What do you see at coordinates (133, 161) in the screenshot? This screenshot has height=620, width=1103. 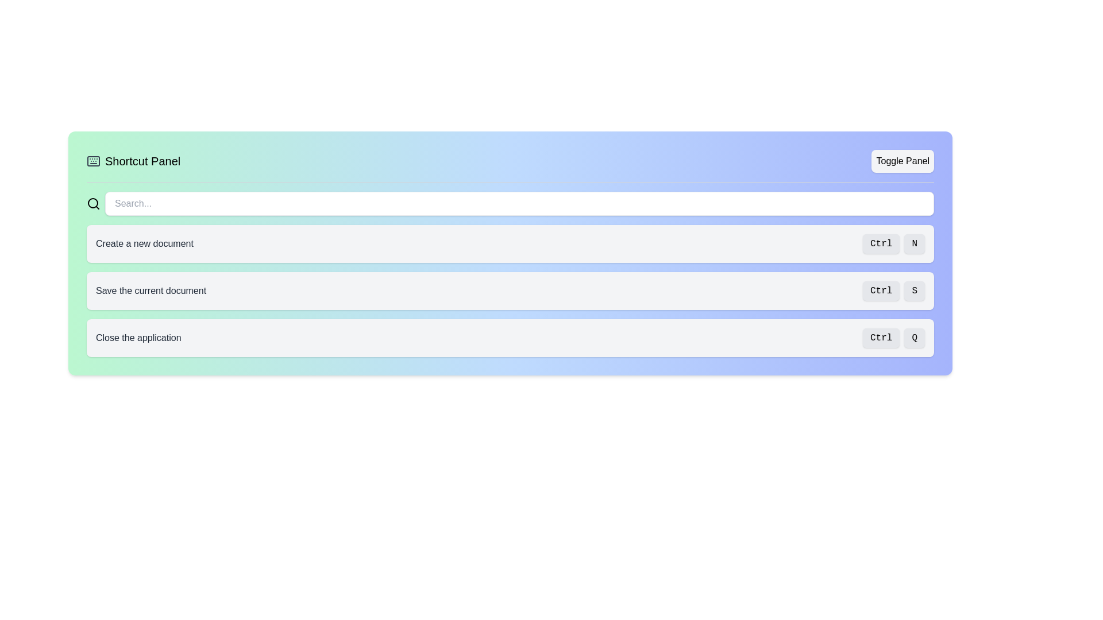 I see `the Text label with associated icon that serves as a title for managing shortcuts, located at the top-left corner of the interface` at bounding box center [133, 161].